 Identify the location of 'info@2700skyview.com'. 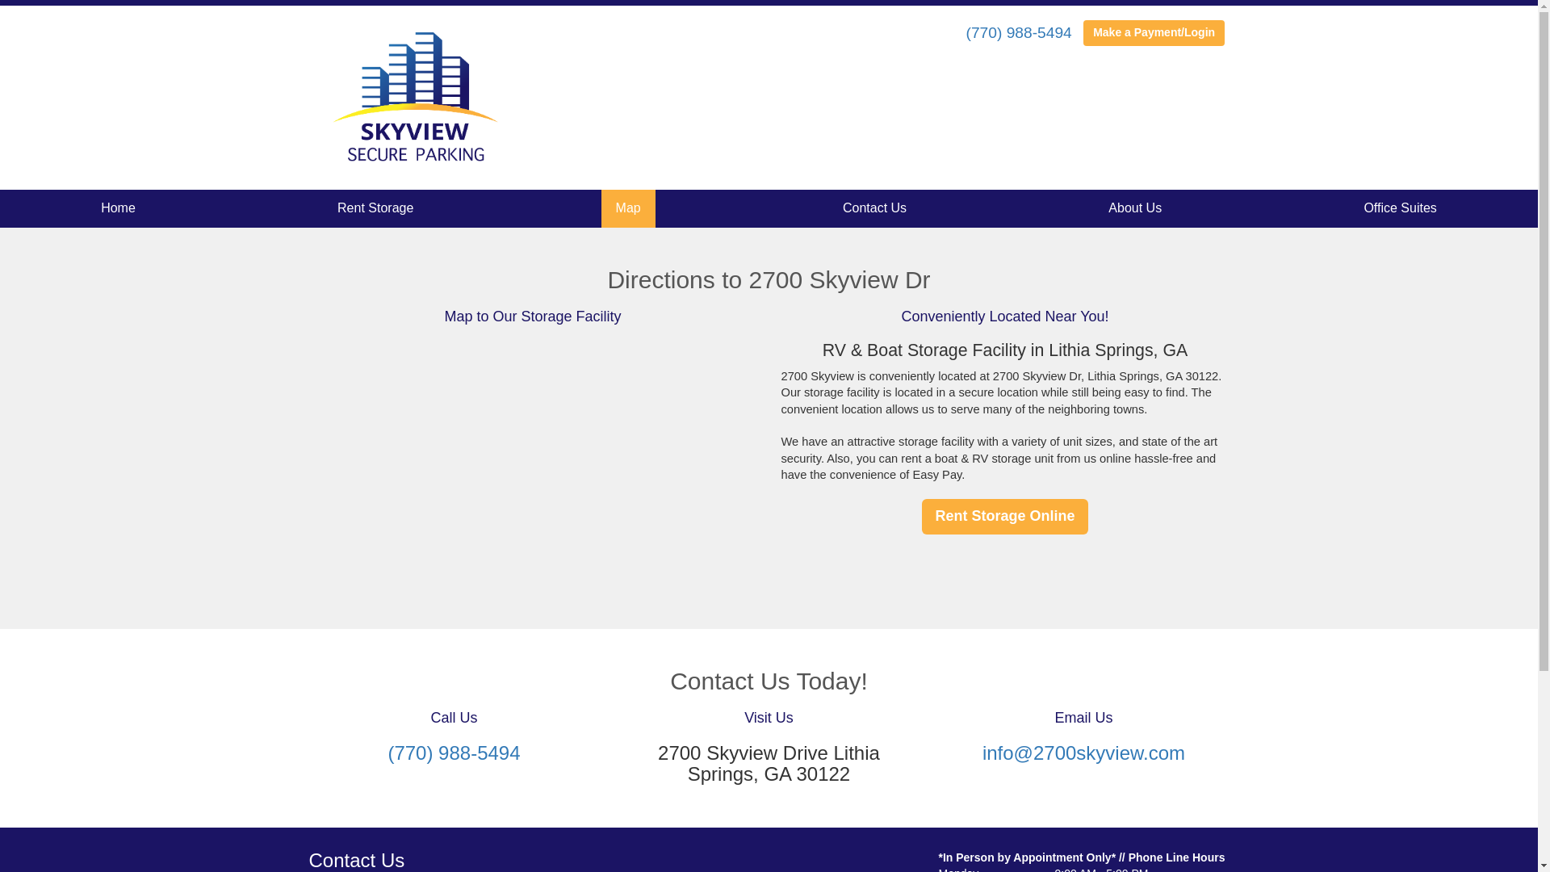
(1083, 753).